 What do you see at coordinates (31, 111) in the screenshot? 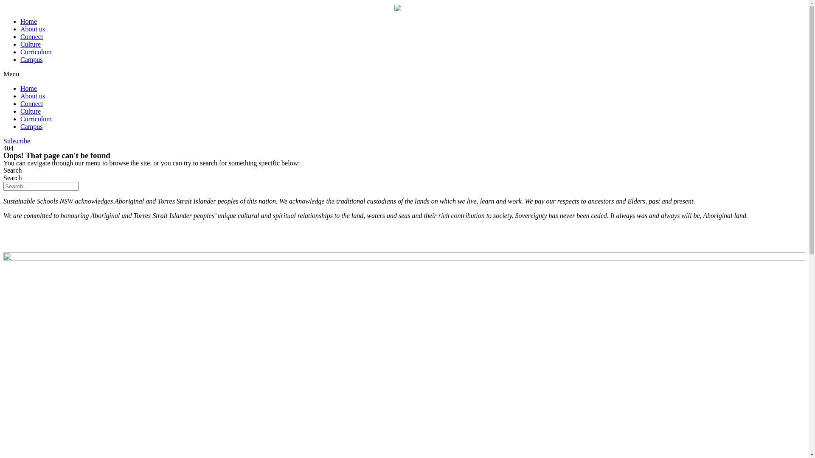
I see `'Culture'` at bounding box center [31, 111].